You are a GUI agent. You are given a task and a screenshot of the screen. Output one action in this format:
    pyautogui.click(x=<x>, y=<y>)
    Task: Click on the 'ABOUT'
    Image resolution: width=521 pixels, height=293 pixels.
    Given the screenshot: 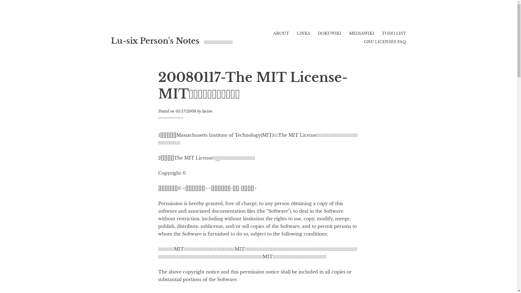 What is the action you would take?
    pyautogui.click(x=273, y=33)
    